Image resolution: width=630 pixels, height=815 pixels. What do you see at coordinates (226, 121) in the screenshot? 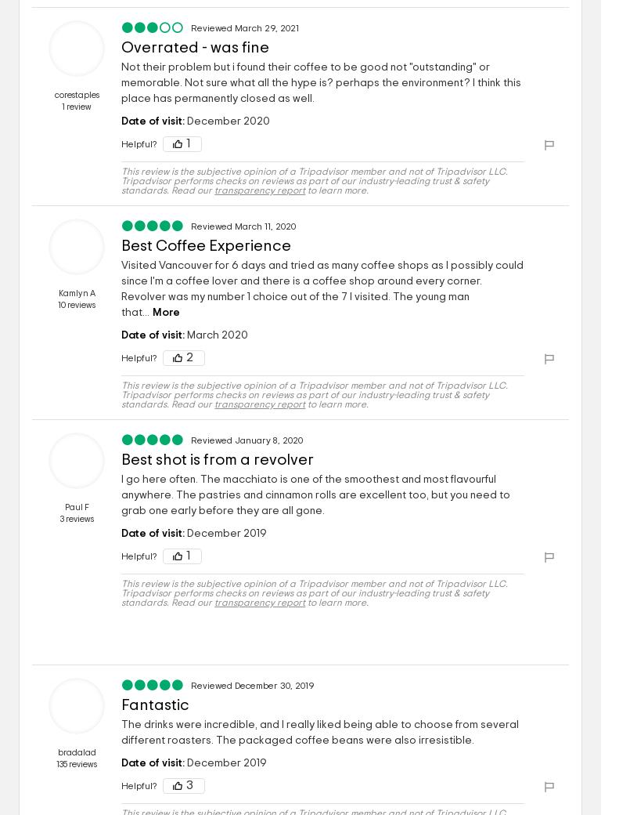
I see `'December 2020'` at bounding box center [226, 121].